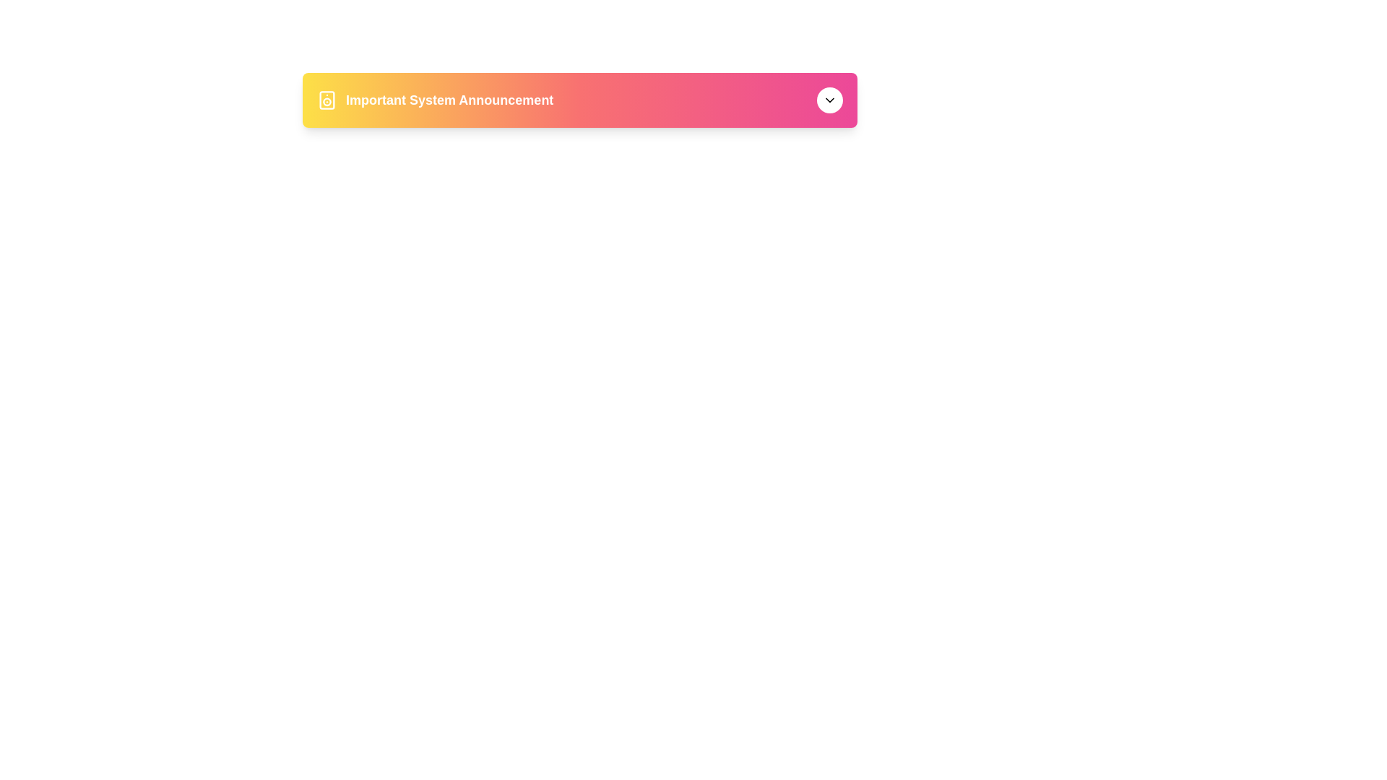  Describe the element at coordinates (829, 99) in the screenshot. I see `the toggle button to expand the notification panel` at that location.